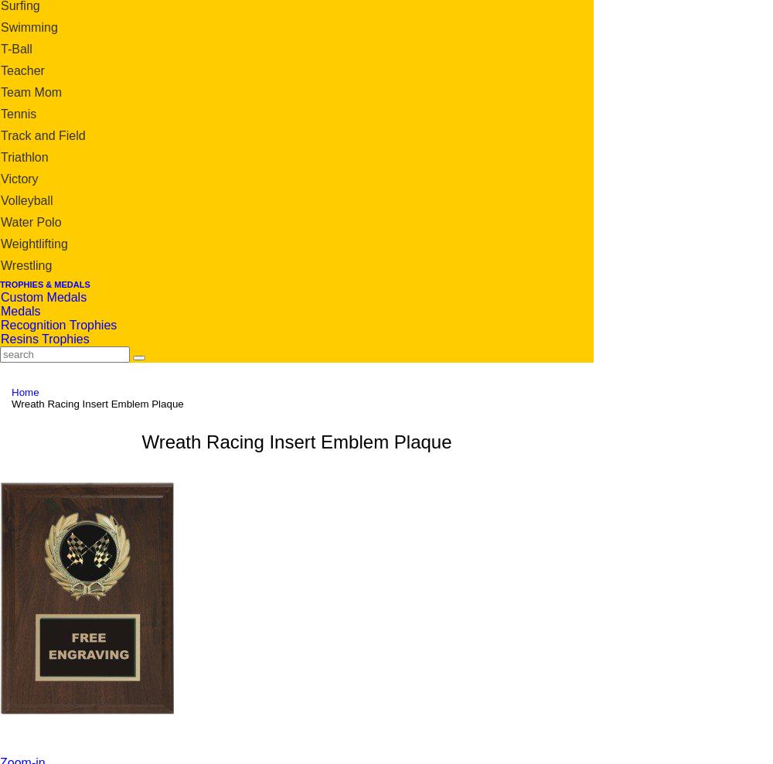  What do you see at coordinates (43, 295) in the screenshot?
I see `'Custom Medals'` at bounding box center [43, 295].